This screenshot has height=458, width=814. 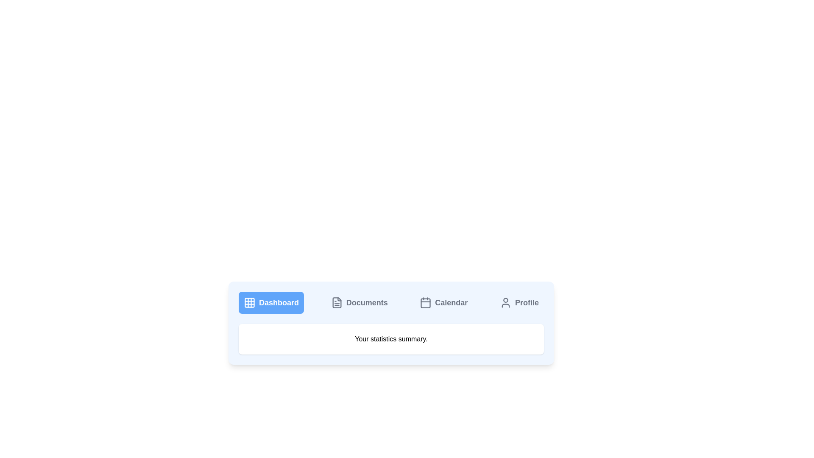 What do you see at coordinates (249, 302) in the screenshot?
I see `the small 3x3 grid icon with a white stroke on a blue background located to the left of the 'Dashboard' label` at bounding box center [249, 302].